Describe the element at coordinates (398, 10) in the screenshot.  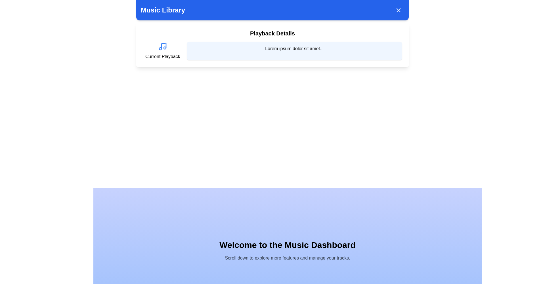
I see `the close icon represented by a small diagonal line forming an X shape in the top-right corner of the blue header bar labeled 'Music Library'` at that location.